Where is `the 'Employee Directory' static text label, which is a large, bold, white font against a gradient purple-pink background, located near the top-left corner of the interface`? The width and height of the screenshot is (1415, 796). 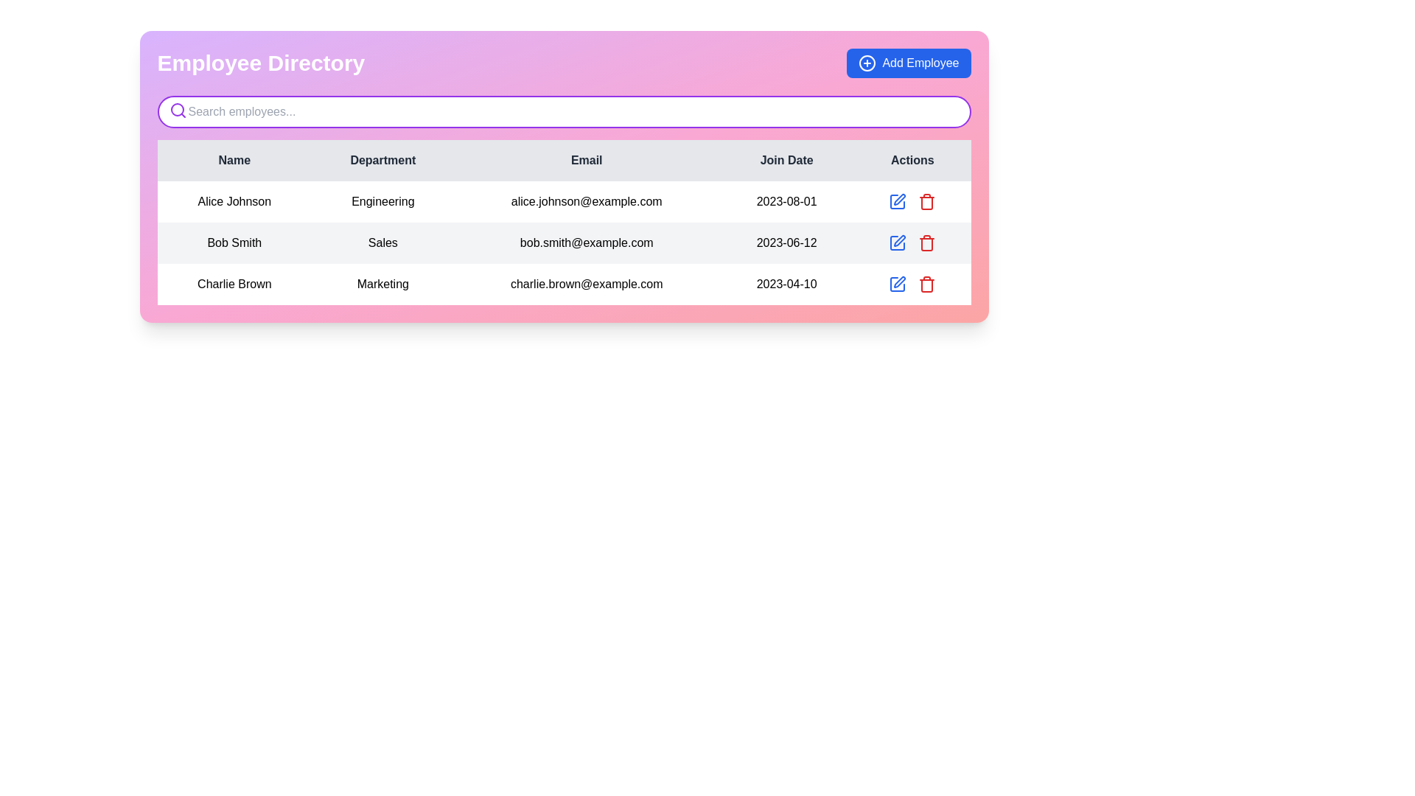
the 'Employee Directory' static text label, which is a large, bold, white font against a gradient purple-pink background, located near the top-left corner of the interface is located at coordinates (261, 62).